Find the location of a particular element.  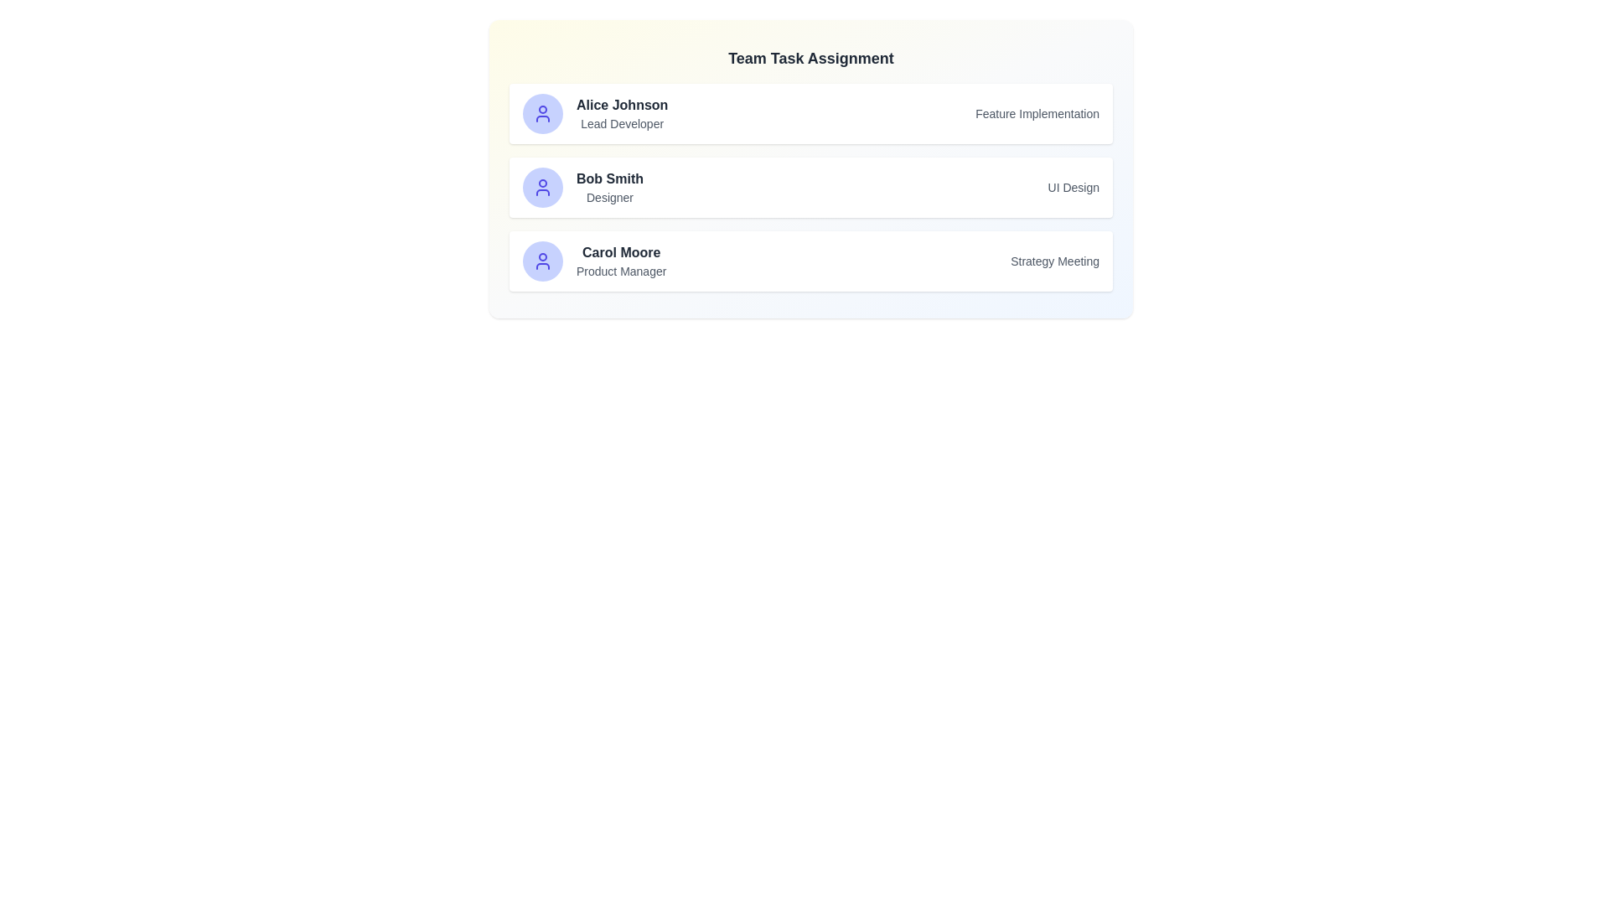

the static text label displaying 'Team Task Assignment', which is prominently positioned at the top of the interface with bold, large font and center alignment is located at coordinates (811, 57).